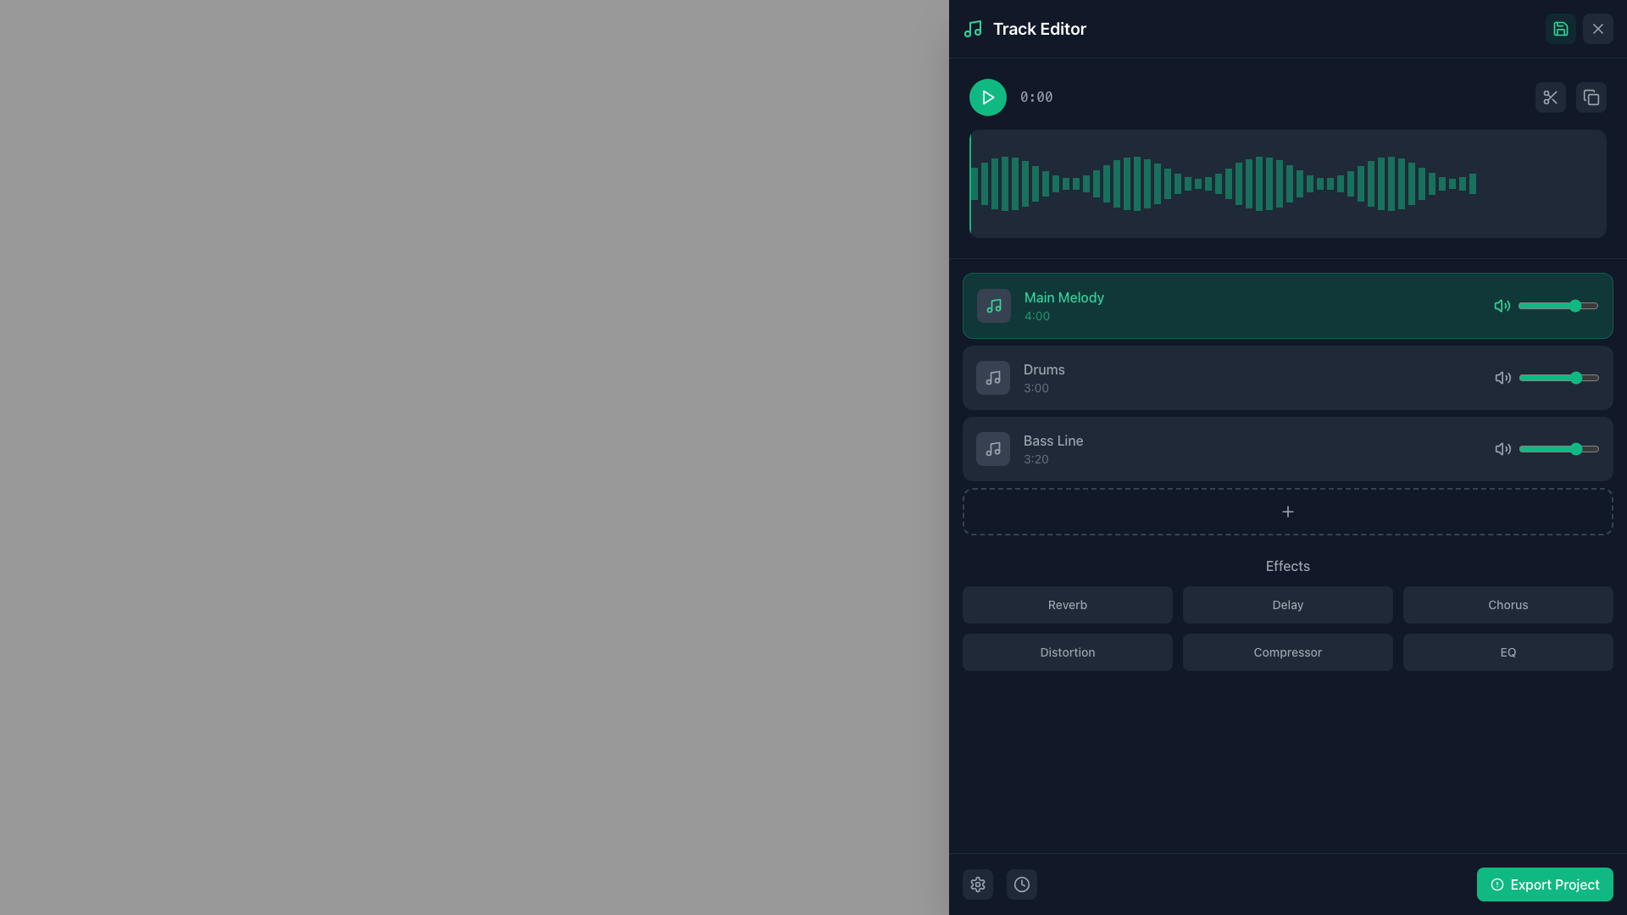 The height and width of the screenshot is (915, 1627). What do you see at coordinates (972, 29) in the screenshot?
I see `the music or audio feature icon located in the top-left corner of the interface, adjacent to the 'Track Editor' text header` at bounding box center [972, 29].